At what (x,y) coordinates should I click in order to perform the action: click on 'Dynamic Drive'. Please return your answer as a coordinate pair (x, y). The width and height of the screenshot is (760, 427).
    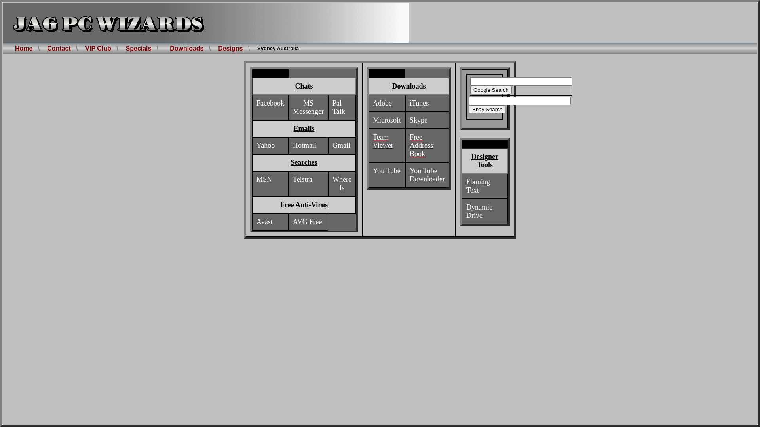
    Looking at the image, I should click on (479, 211).